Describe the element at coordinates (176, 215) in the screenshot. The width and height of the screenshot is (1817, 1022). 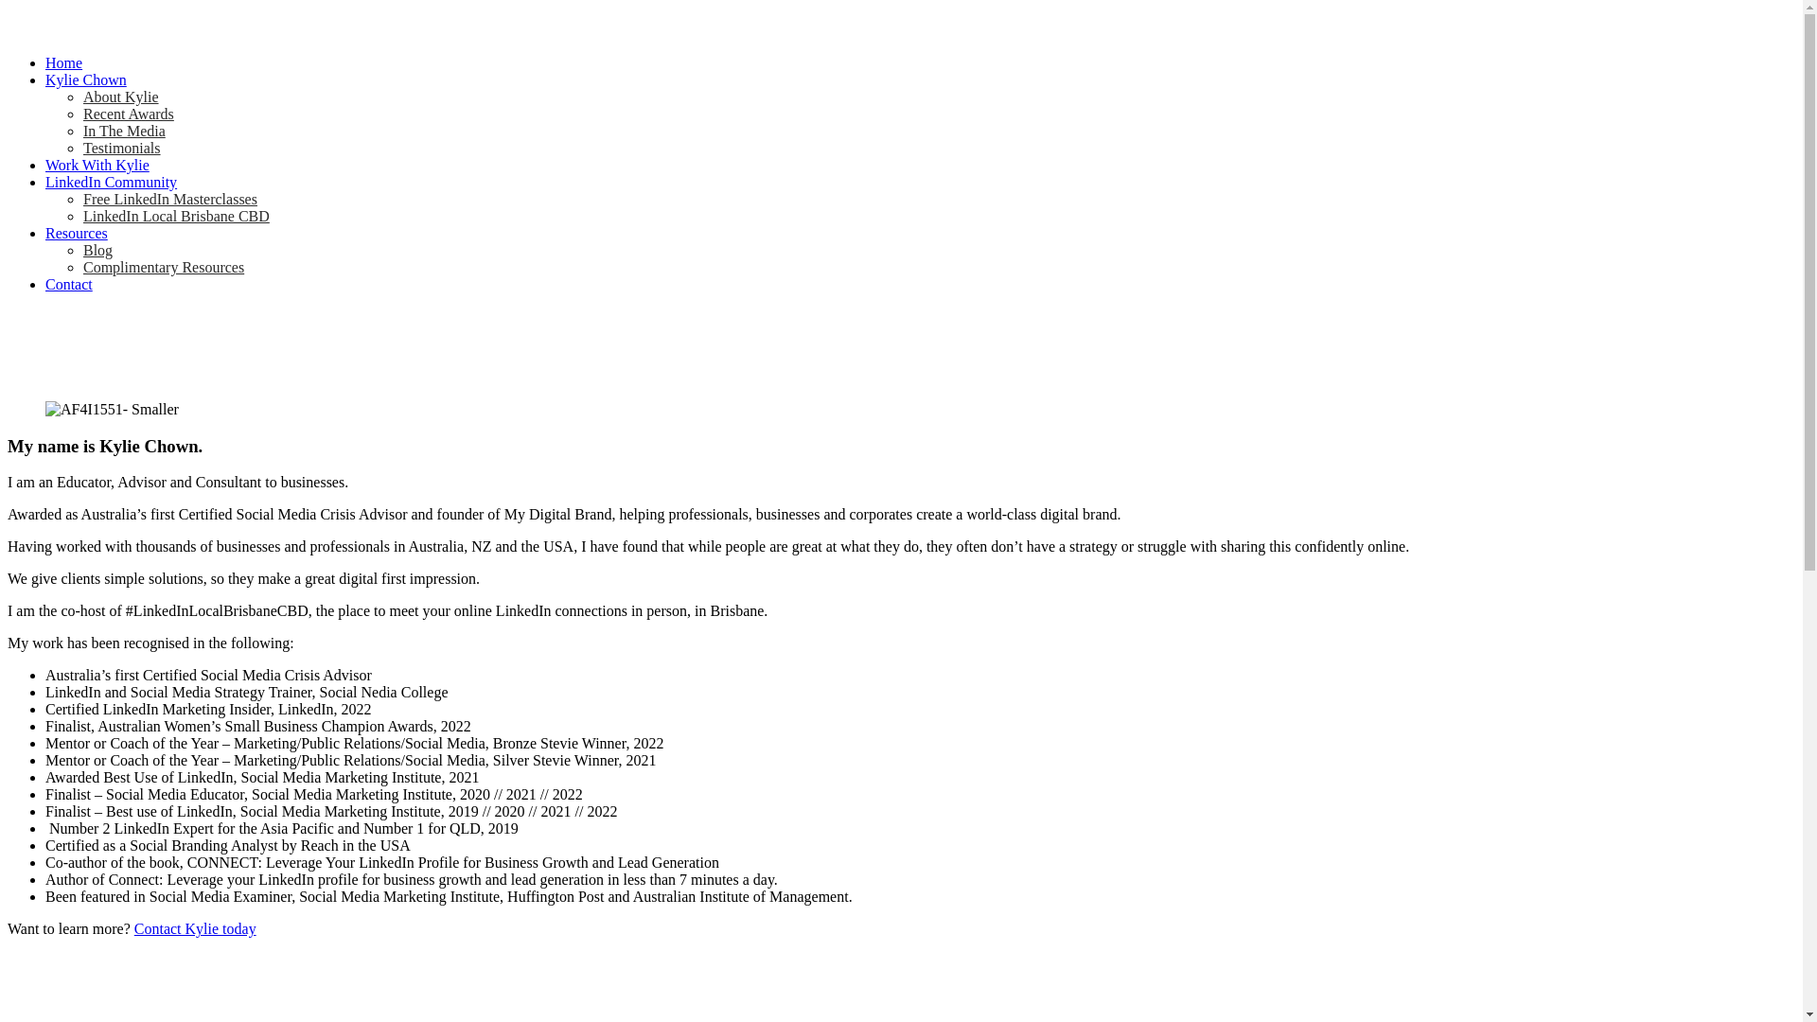
I see `'LinkedIn Local Brisbane CBD'` at that location.